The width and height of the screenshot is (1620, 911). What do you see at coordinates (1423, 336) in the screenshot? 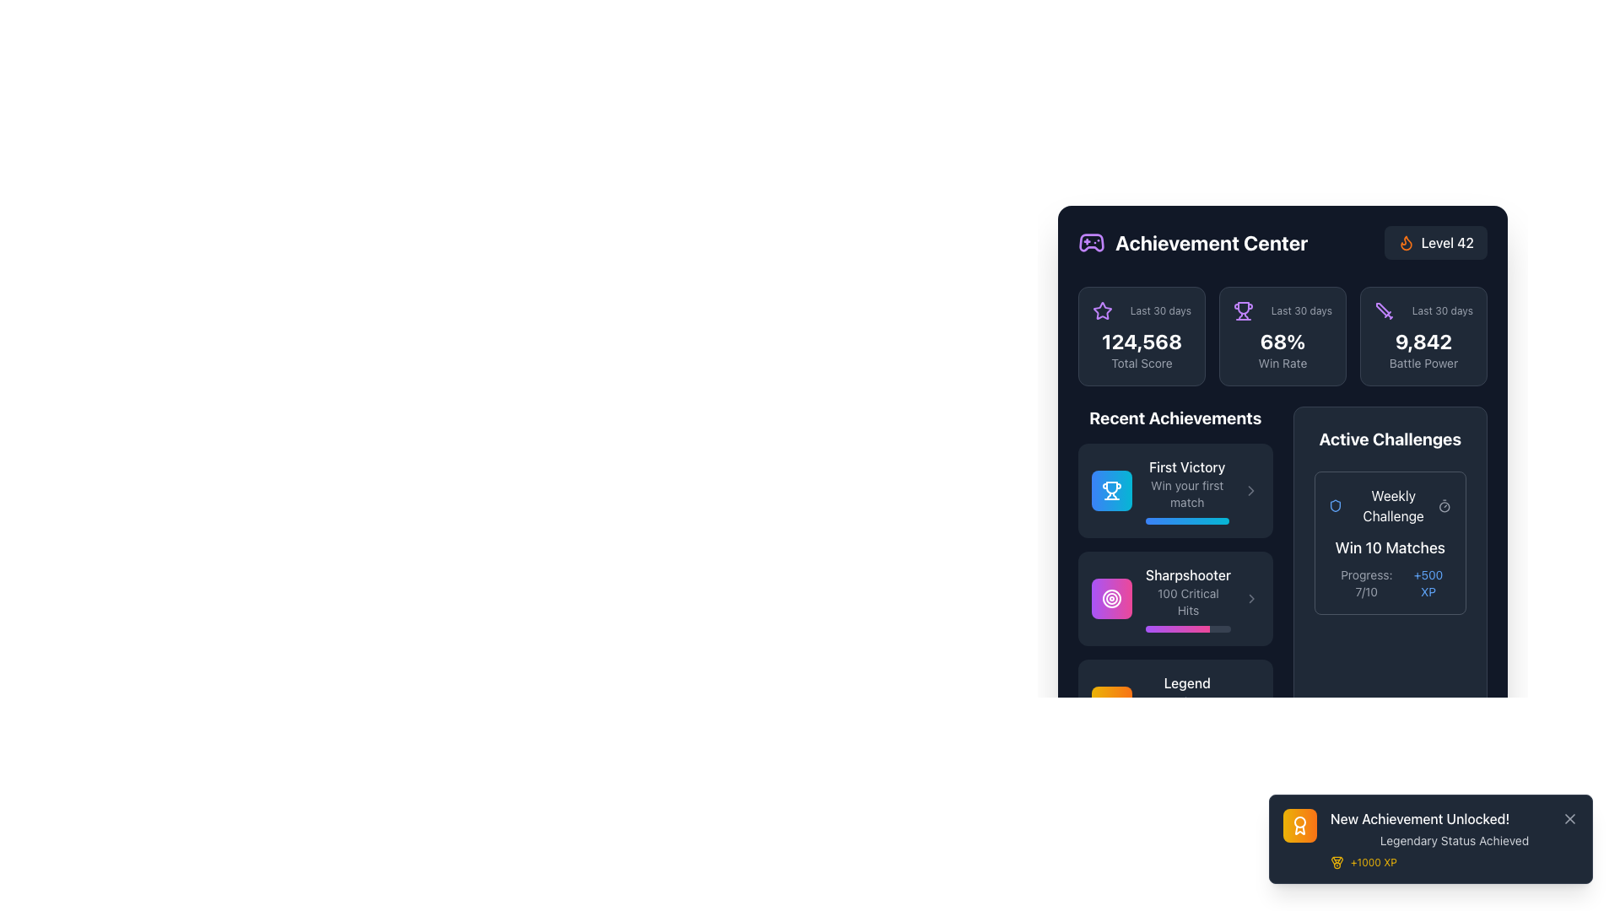
I see `the Informative card displaying the player's Battle Power score in the Achievement Center section, which is the third box from the left` at bounding box center [1423, 336].